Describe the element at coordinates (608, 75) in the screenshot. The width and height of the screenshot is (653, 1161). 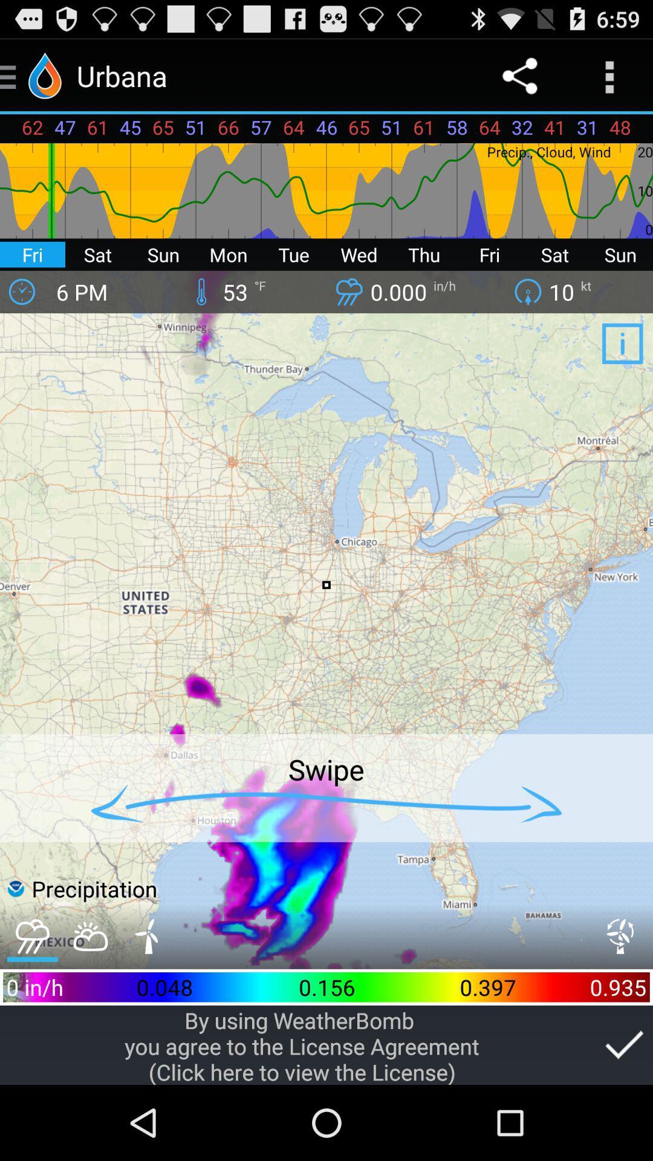
I see `app above 41` at that location.